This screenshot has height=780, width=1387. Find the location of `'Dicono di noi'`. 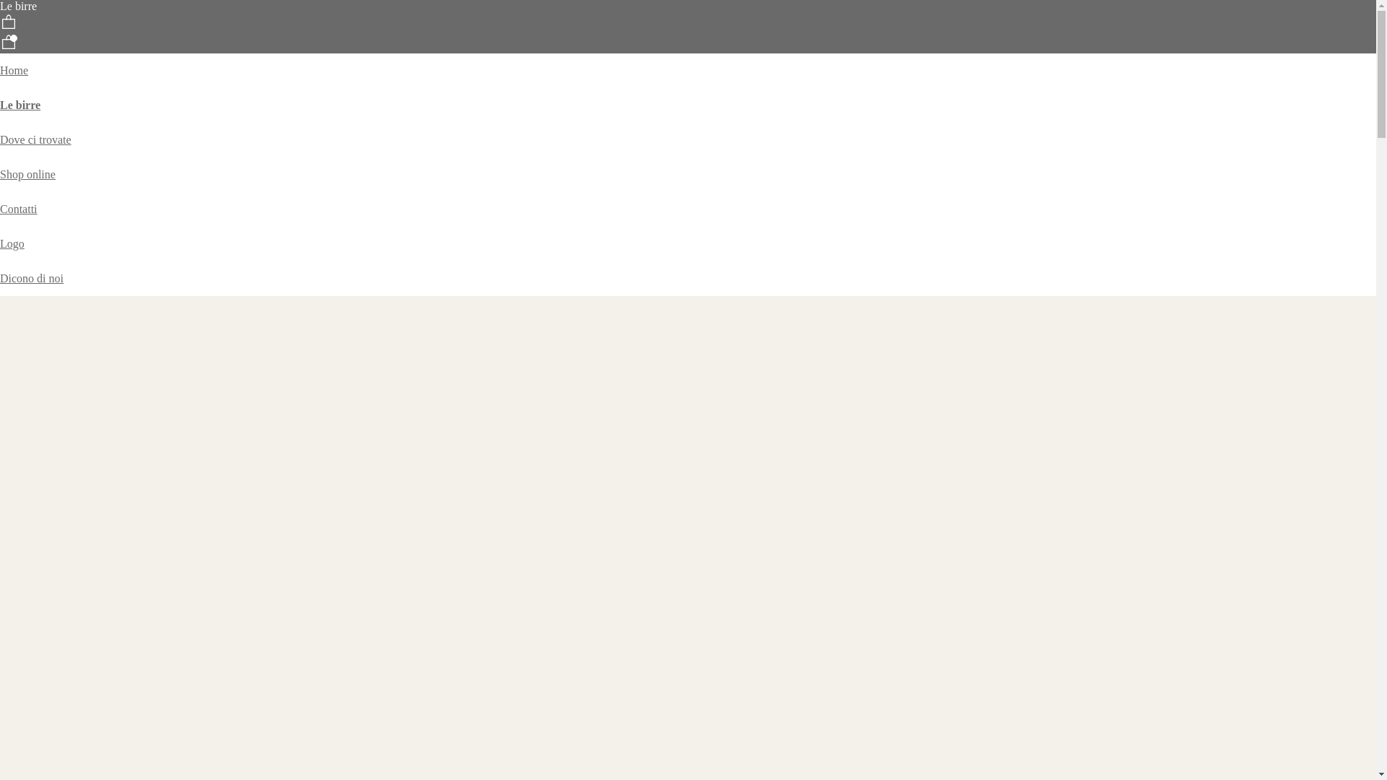

'Dicono di noi' is located at coordinates (31, 278).